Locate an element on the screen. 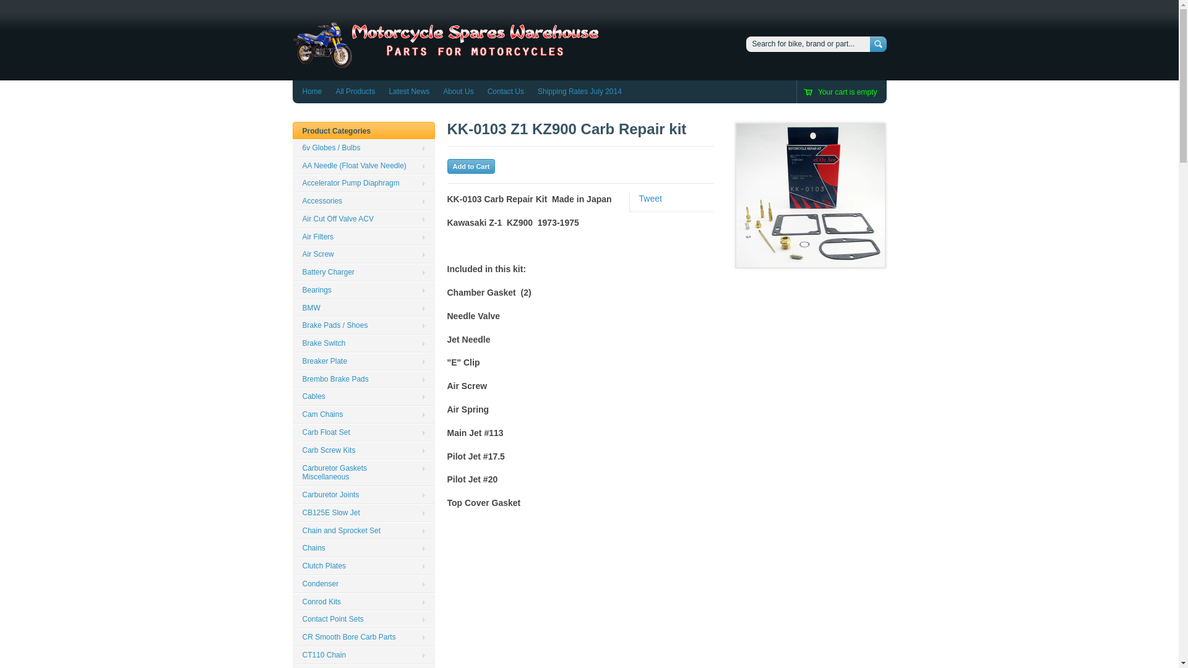 This screenshot has height=668, width=1188. 'Carb Screw Kits' is located at coordinates (291, 450).